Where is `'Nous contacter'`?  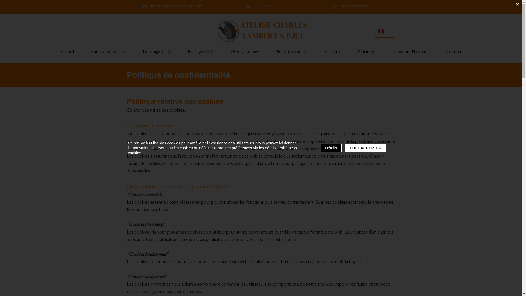 'Nous contacter' is located at coordinates (350, 7).